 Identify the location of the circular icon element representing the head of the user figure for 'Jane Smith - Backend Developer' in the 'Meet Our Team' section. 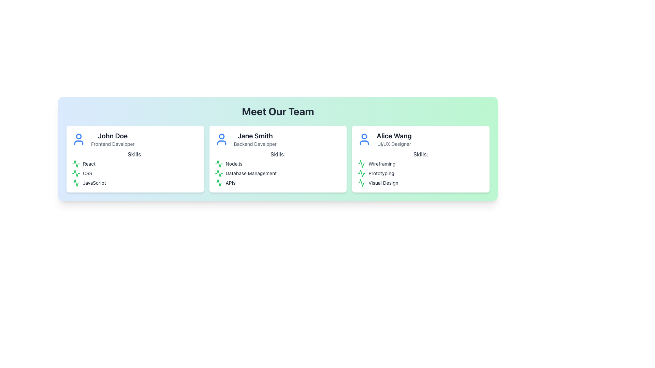
(221, 136).